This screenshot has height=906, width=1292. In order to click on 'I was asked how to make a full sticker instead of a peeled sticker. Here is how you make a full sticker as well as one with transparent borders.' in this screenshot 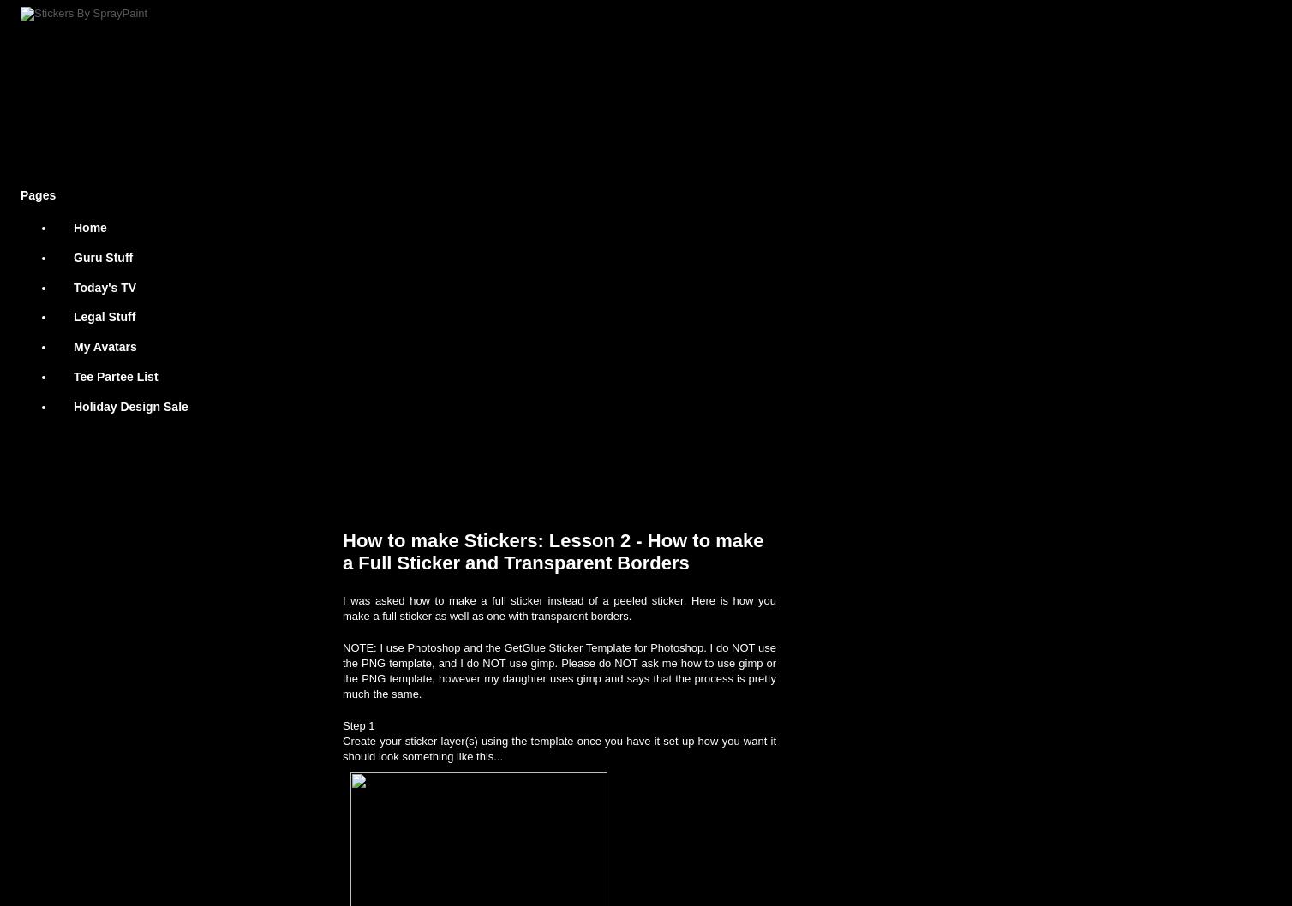, I will do `click(558, 608)`.